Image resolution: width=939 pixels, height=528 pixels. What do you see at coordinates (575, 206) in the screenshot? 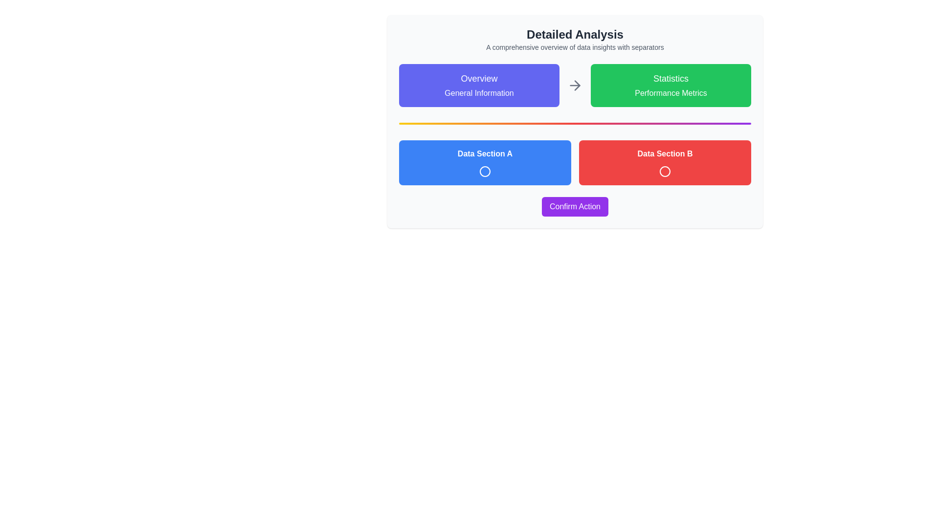
I see `the 'Confirm Action' button with vibrant purple background and white text for keyboard navigation` at bounding box center [575, 206].